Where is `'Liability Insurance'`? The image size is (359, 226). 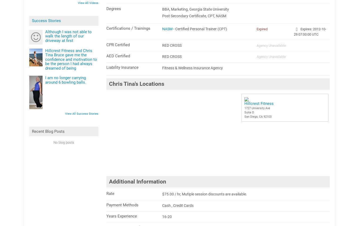 'Liability Insurance' is located at coordinates (122, 67).